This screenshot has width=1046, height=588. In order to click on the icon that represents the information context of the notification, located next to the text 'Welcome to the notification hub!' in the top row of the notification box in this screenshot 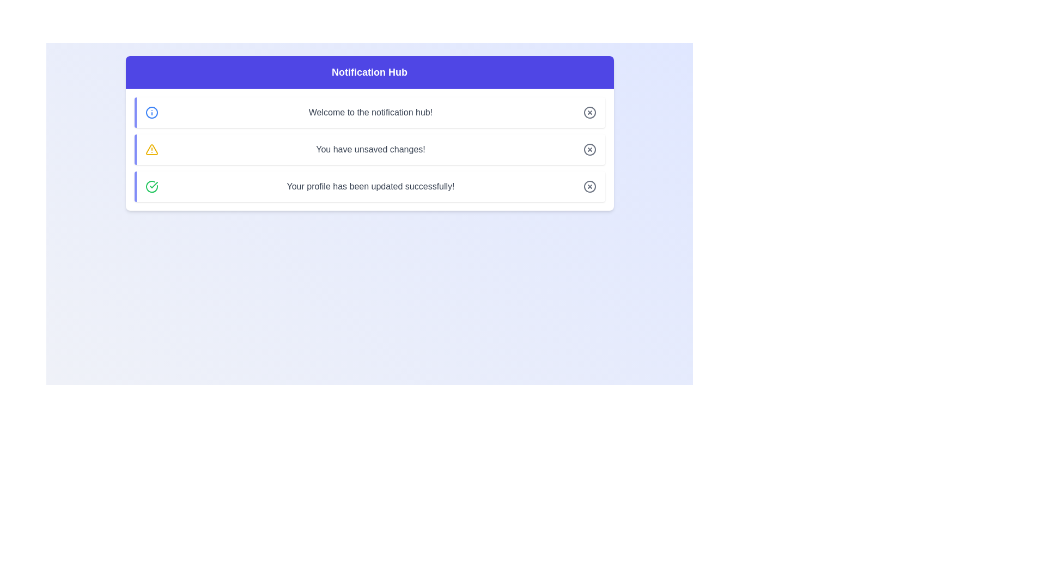, I will do `click(151, 113)`.